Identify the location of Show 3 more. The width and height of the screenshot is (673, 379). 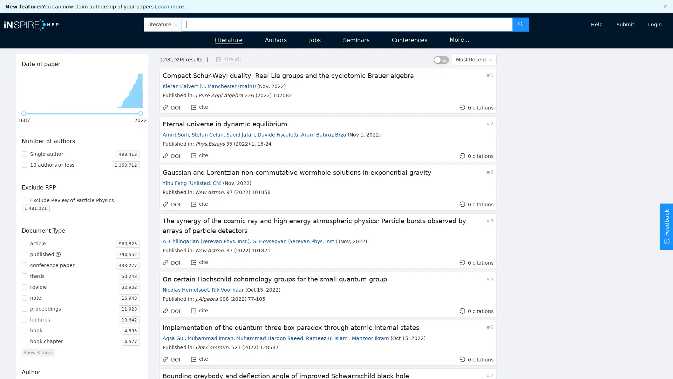
(38, 352).